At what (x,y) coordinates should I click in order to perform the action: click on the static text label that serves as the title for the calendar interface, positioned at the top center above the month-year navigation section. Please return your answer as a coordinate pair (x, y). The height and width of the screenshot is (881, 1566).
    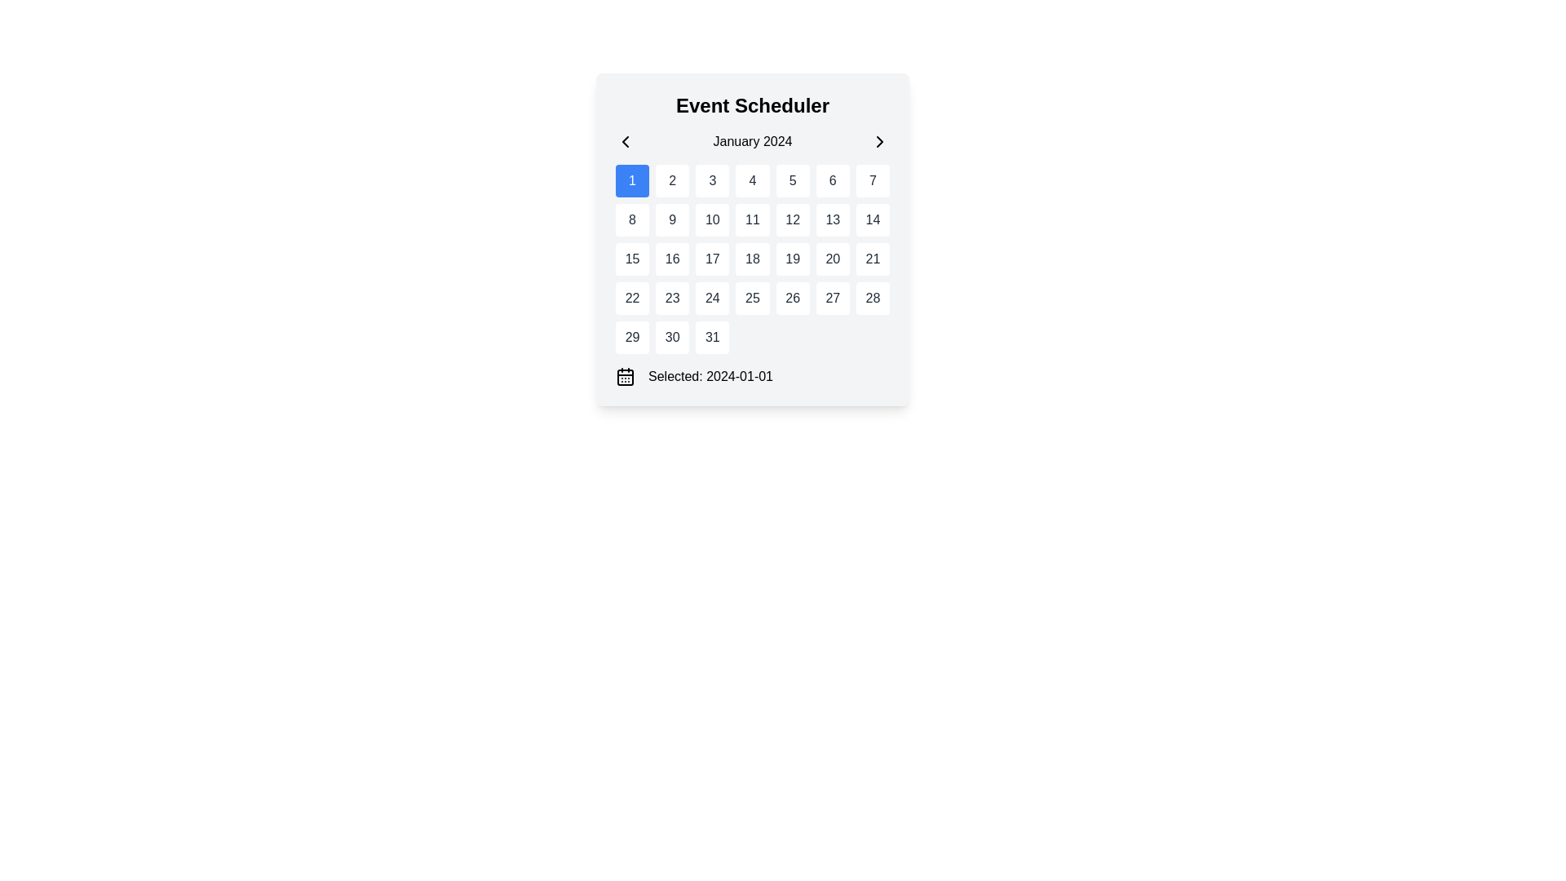
    Looking at the image, I should click on (751, 106).